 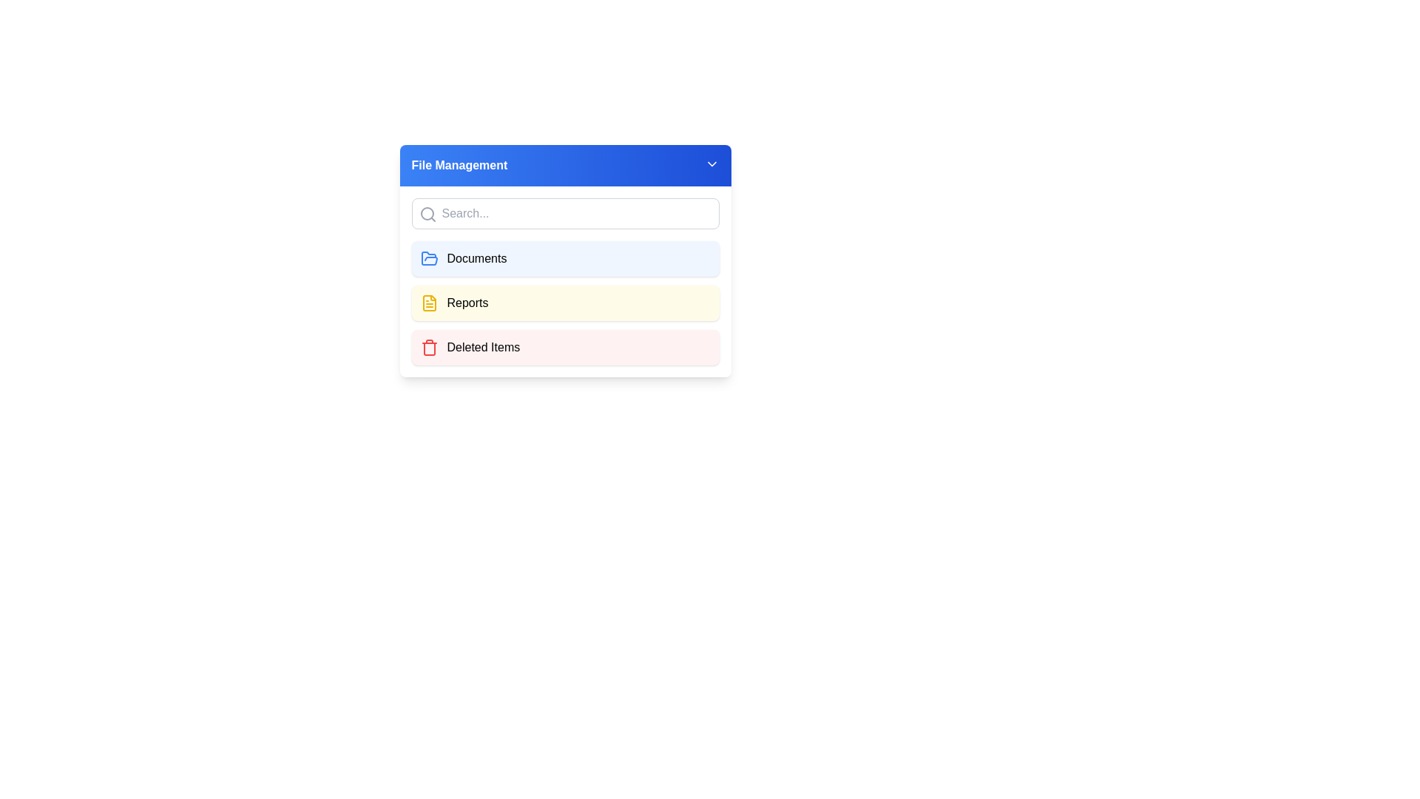 I want to click on the 'Documents' menu option button for keyboard navigation, so click(x=564, y=260).